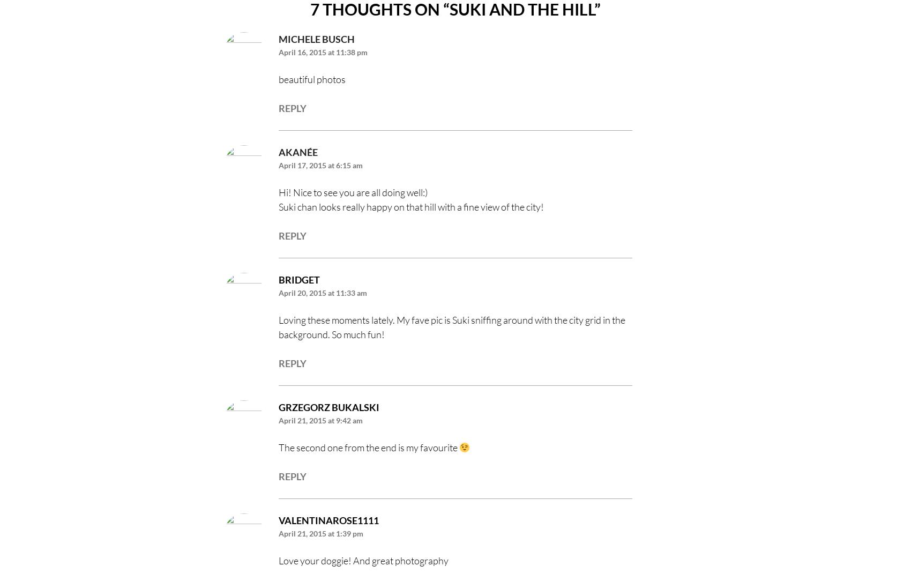  What do you see at coordinates (279, 206) in the screenshot?
I see `'Suki chan looks really happy on that hill with a fine view of the city!'` at bounding box center [279, 206].